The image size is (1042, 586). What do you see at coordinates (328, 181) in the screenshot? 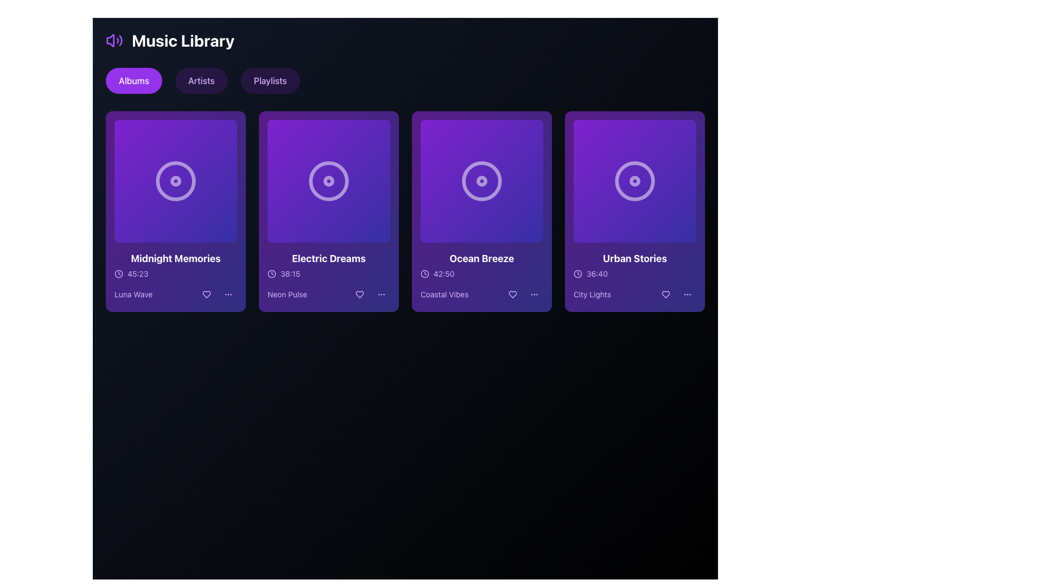
I see `the circular icon within the 'Electric Dreams' card, which is located in the first row, second column of the media cards grid` at bounding box center [328, 181].